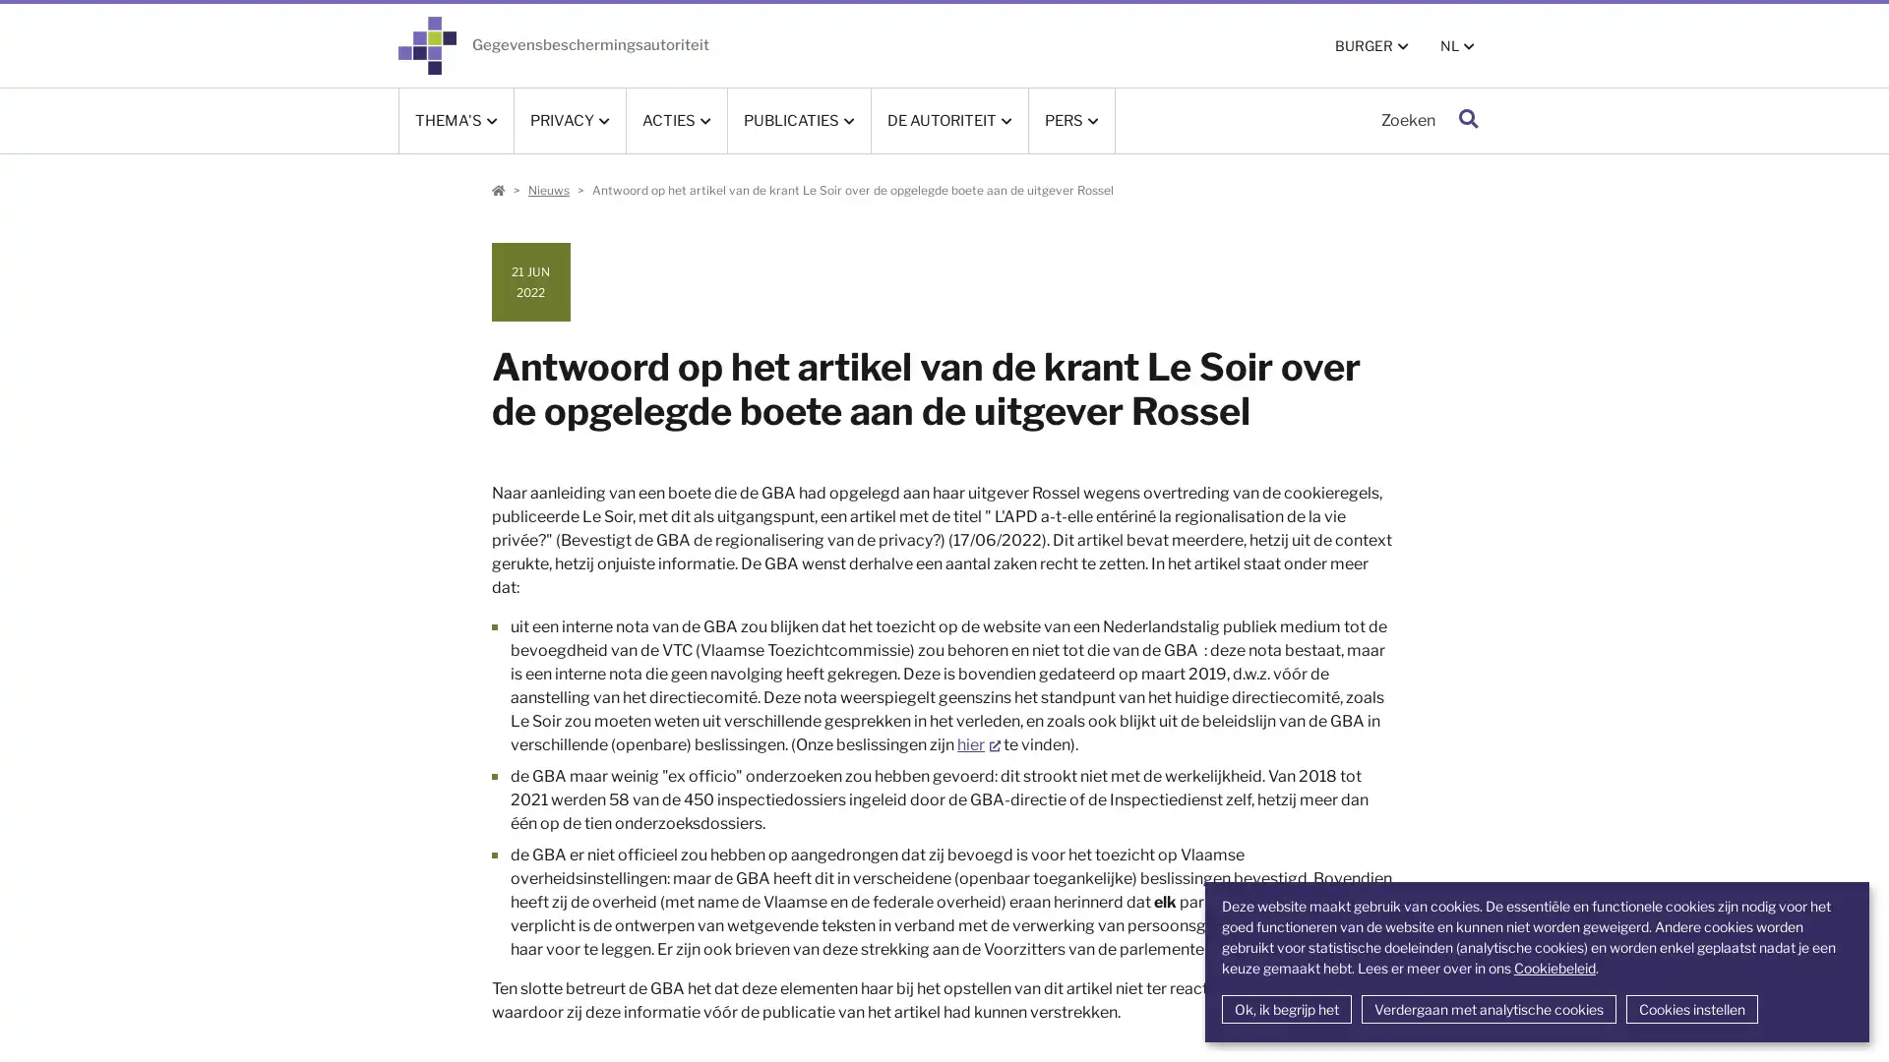 The height and width of the screenshot is (1062, 1889). Describe the element at coordinates (1689, 1009) in the screenshot. I see `Cookies instellen` at that location.